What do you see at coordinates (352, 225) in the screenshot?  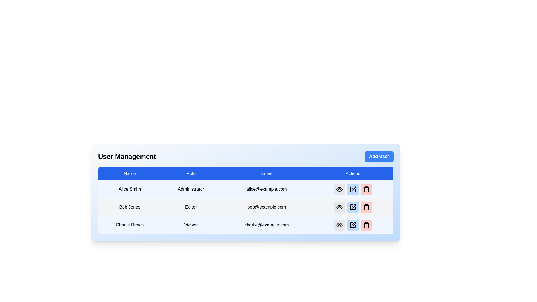 I see `the second icon button in the 'Actions' column to initiate editing of user data for 'Charlie Brown'` at bounding box center [352, 225].